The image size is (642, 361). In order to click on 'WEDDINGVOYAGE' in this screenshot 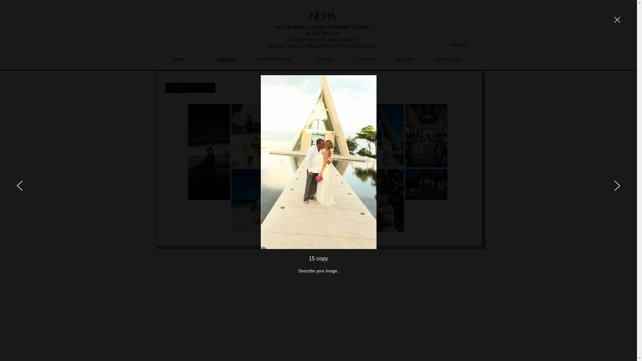, I will do `click(273, 59)`.